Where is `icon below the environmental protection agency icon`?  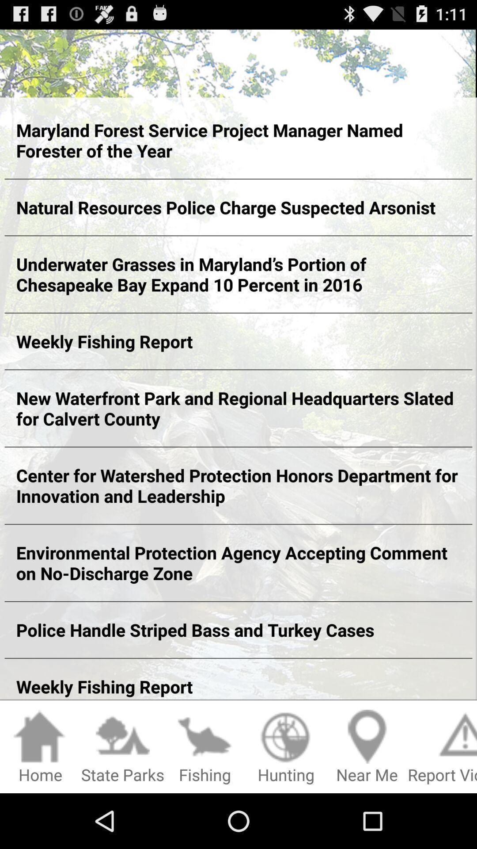 icon below the environmental protection agency icon is located at coordinates (238, 629).